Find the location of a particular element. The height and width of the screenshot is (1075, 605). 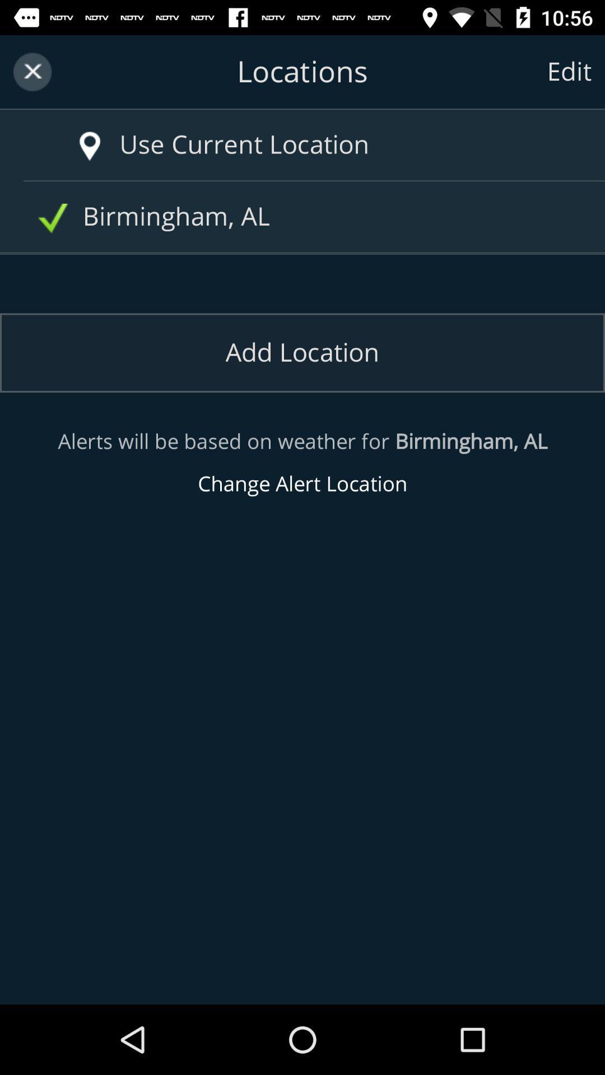

the tick mark left to birmingham al is located at coordinates (53, 218).